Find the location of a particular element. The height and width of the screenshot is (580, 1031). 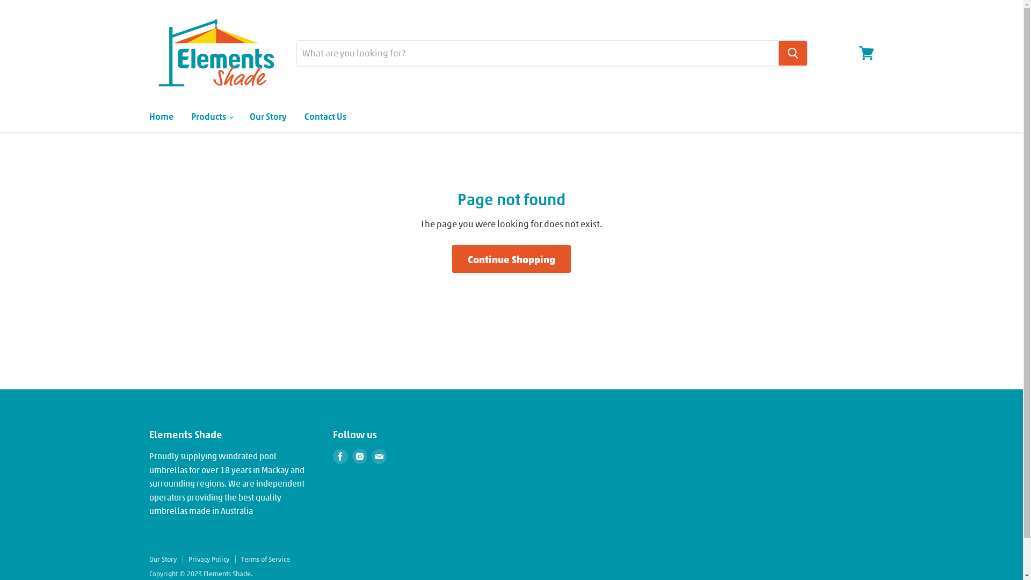

'Home' is located at coordinates (160, 116).